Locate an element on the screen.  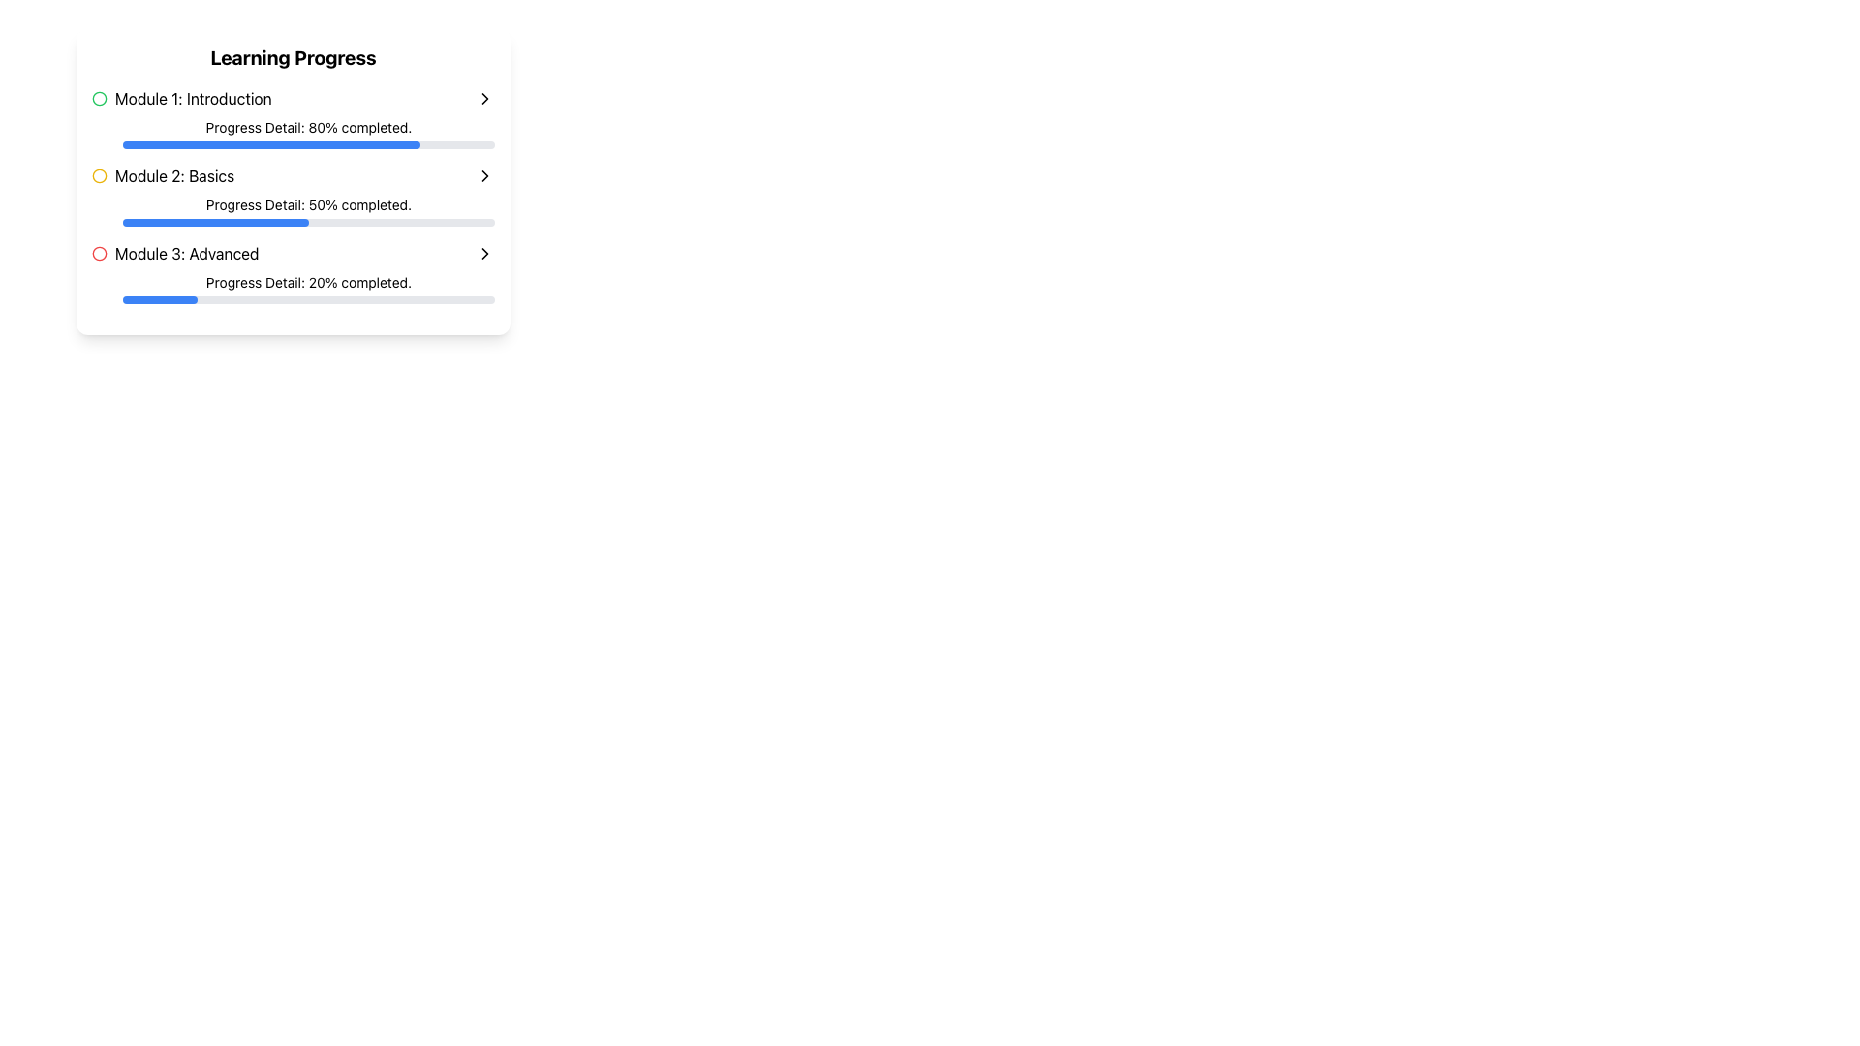
the Composite UI element displaying 'Module 3: Advanced' and 'Progress Detail: 20% completed.' is located at coordinates (292, 272).